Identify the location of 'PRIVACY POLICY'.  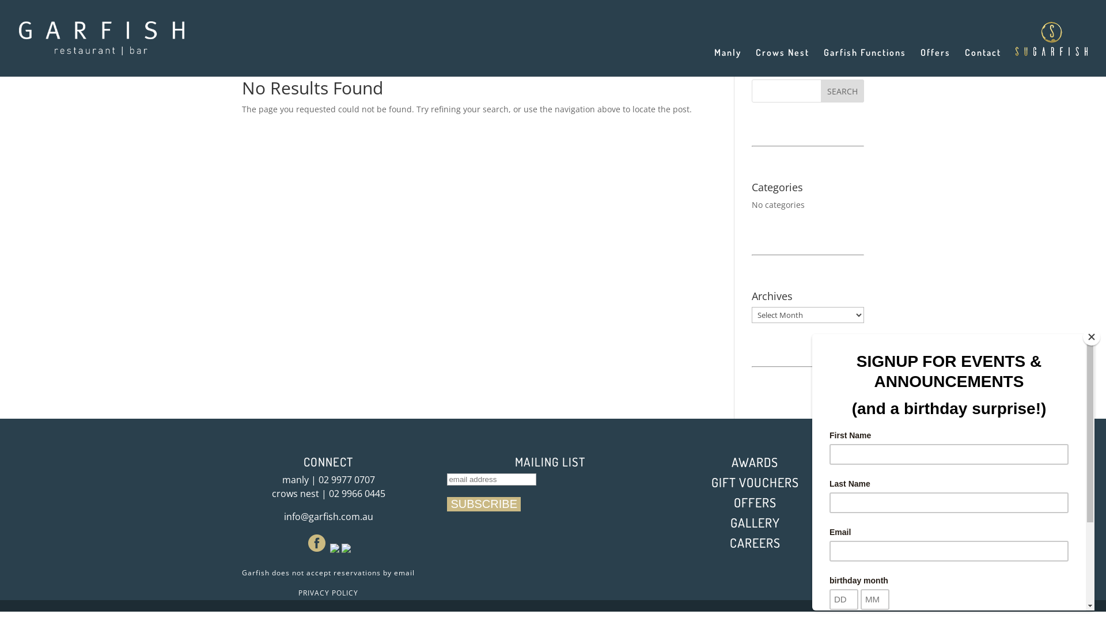
(328, 593).